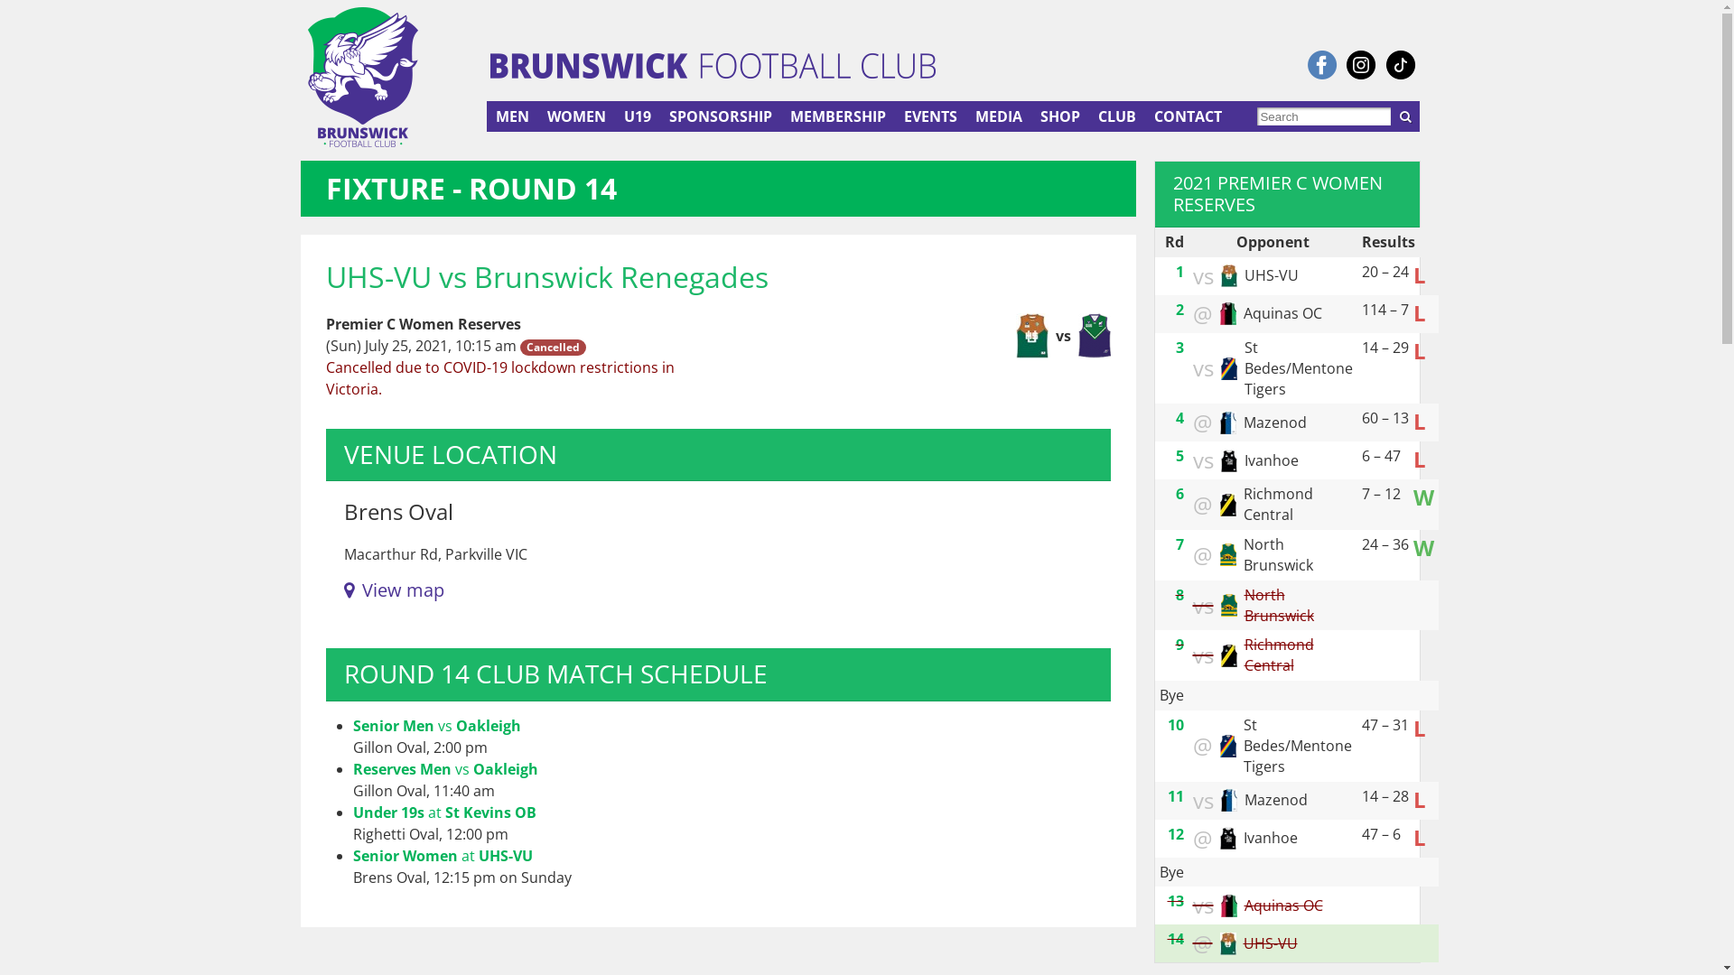 The width and height of the screenshot is (1734, 975). Describe the element at coordinates (719, 116) in the screenshot. I see `'SPONSORSHIP'` at that location.